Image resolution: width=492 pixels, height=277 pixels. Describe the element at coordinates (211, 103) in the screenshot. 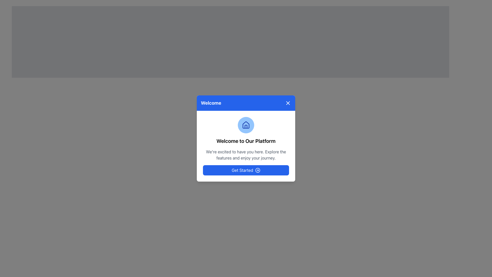

I see `the text label that serves as the header for the popup dialog box, located in the top left section of the blue banner header` at that location.